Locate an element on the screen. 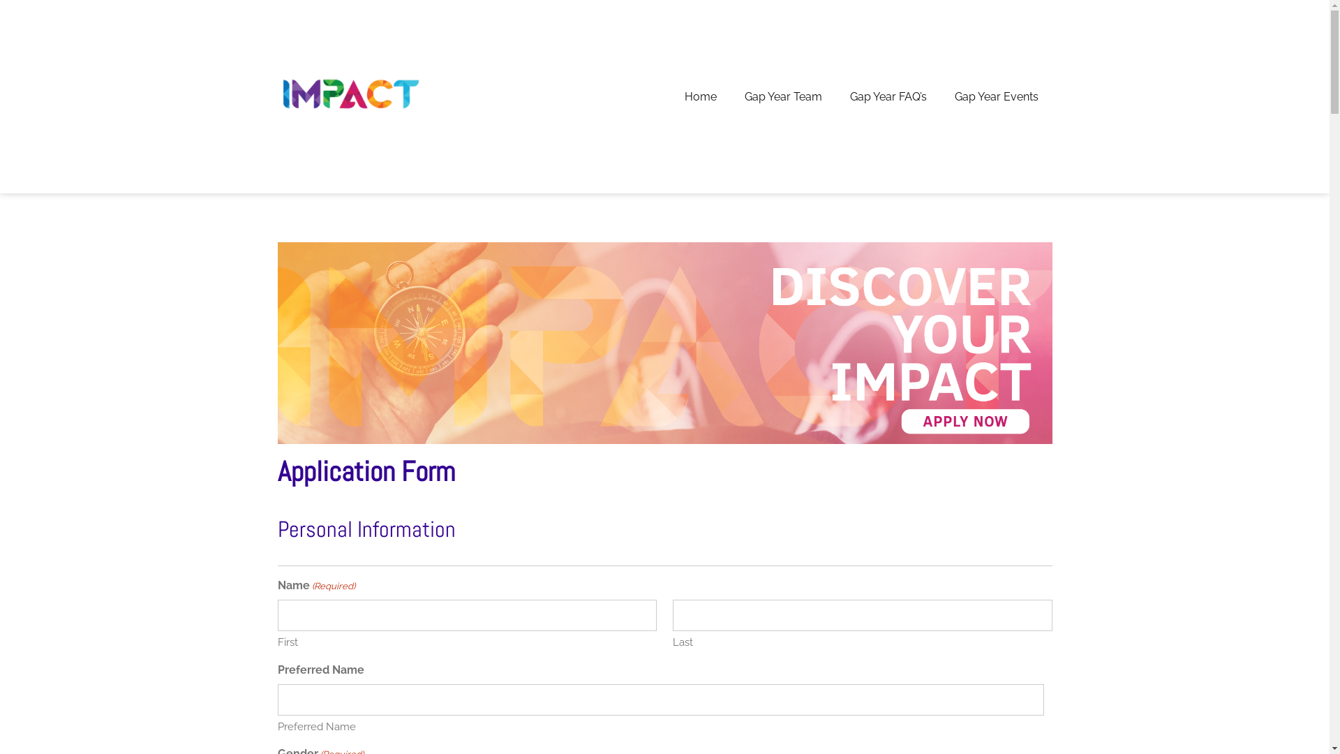  'Home' is located at coordinates (700, 96).